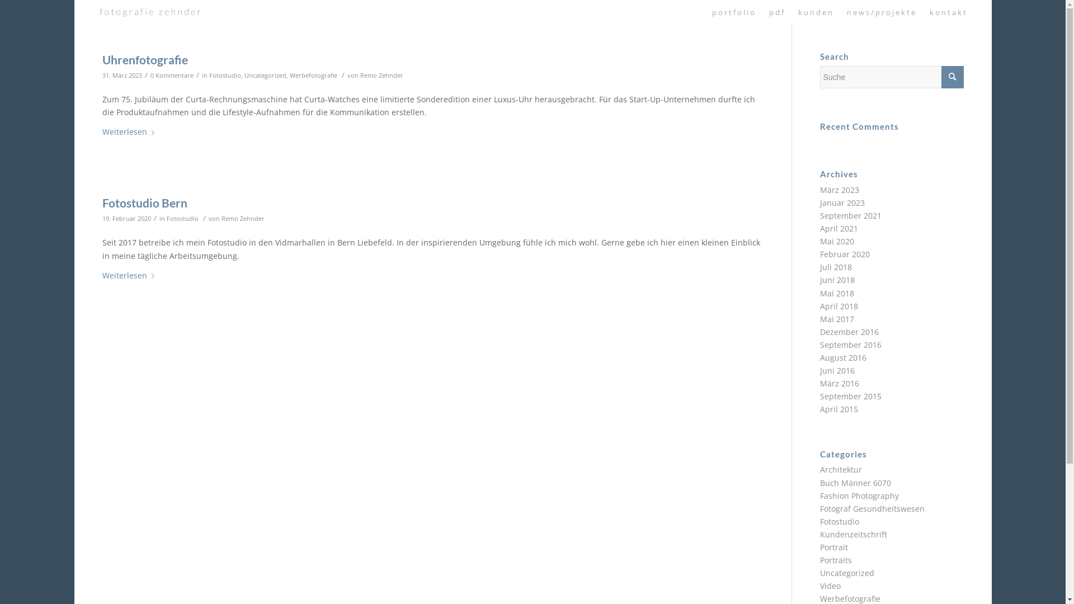 This screenshot has width=1074, height=604. I want to click on 'Juni 2016', so click(837, 370).